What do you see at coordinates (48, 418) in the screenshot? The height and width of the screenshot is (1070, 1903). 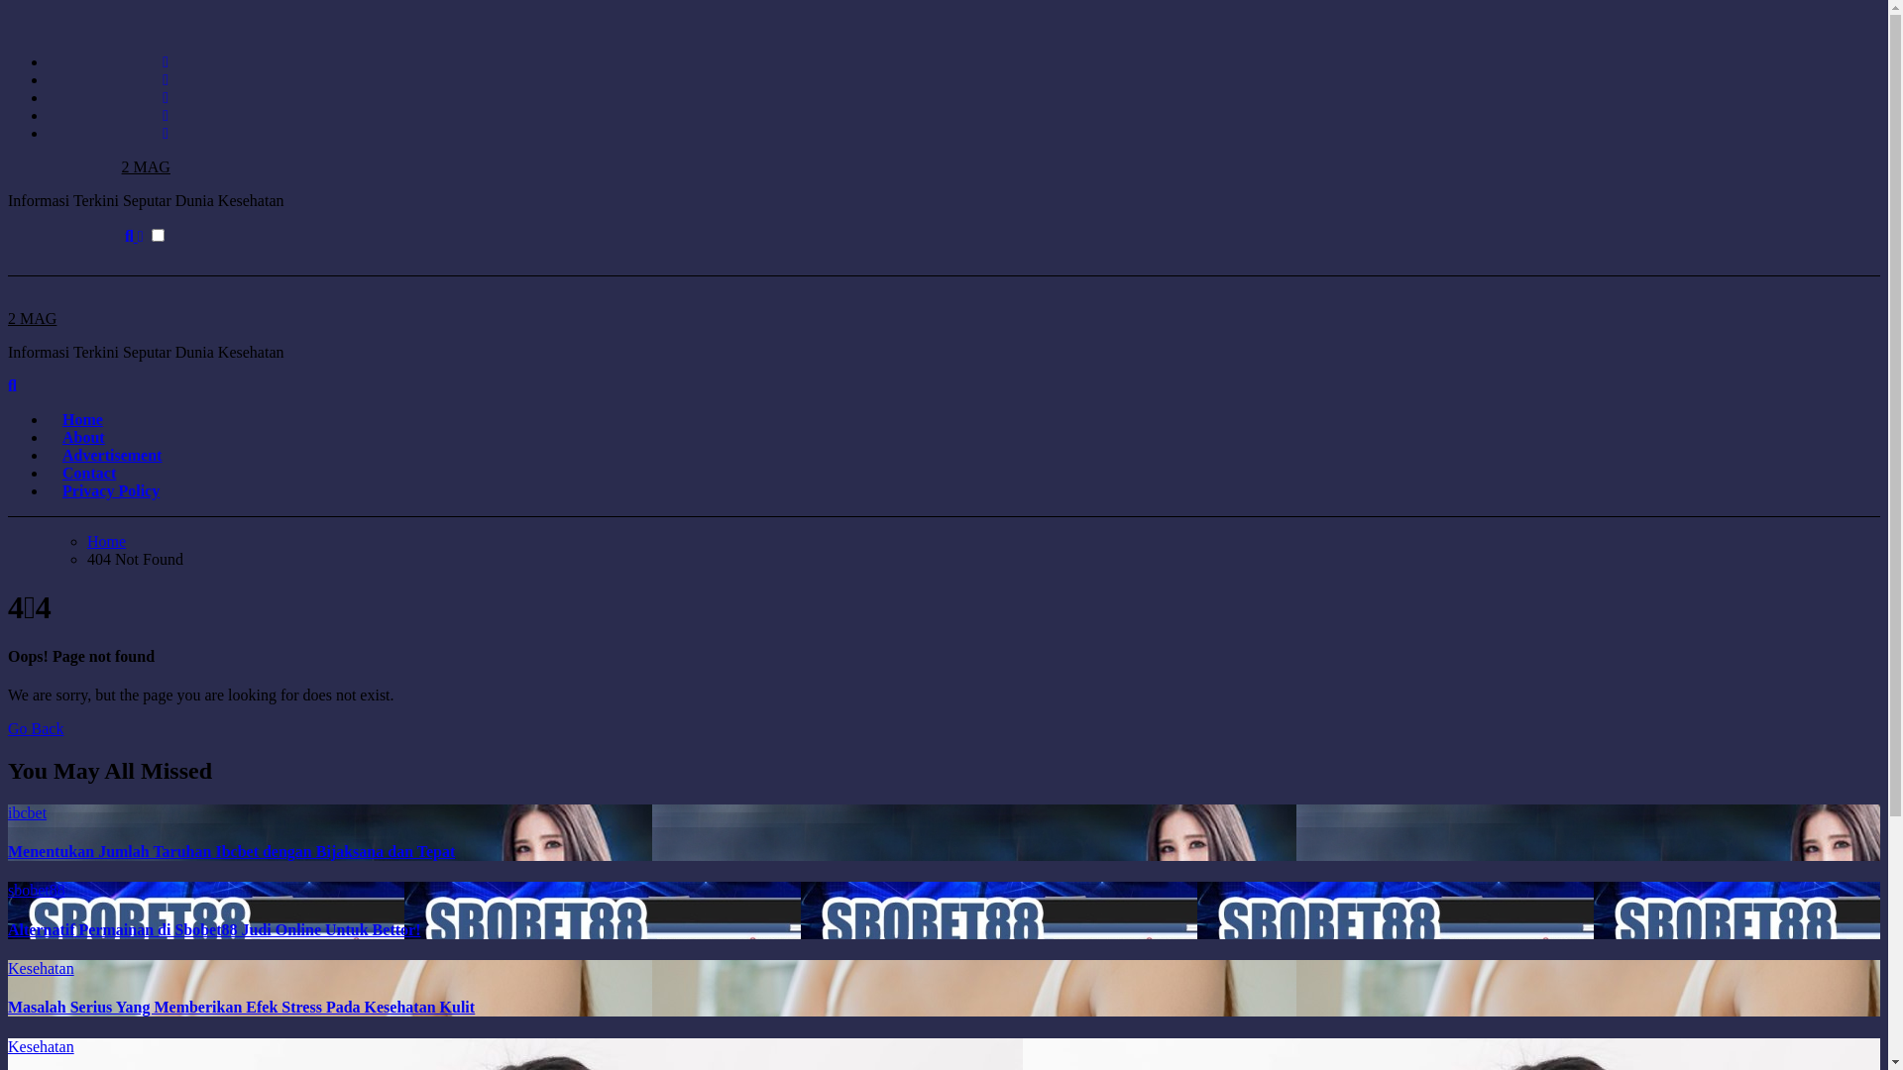 I see `'Home'` at bounding box center [48, 418].